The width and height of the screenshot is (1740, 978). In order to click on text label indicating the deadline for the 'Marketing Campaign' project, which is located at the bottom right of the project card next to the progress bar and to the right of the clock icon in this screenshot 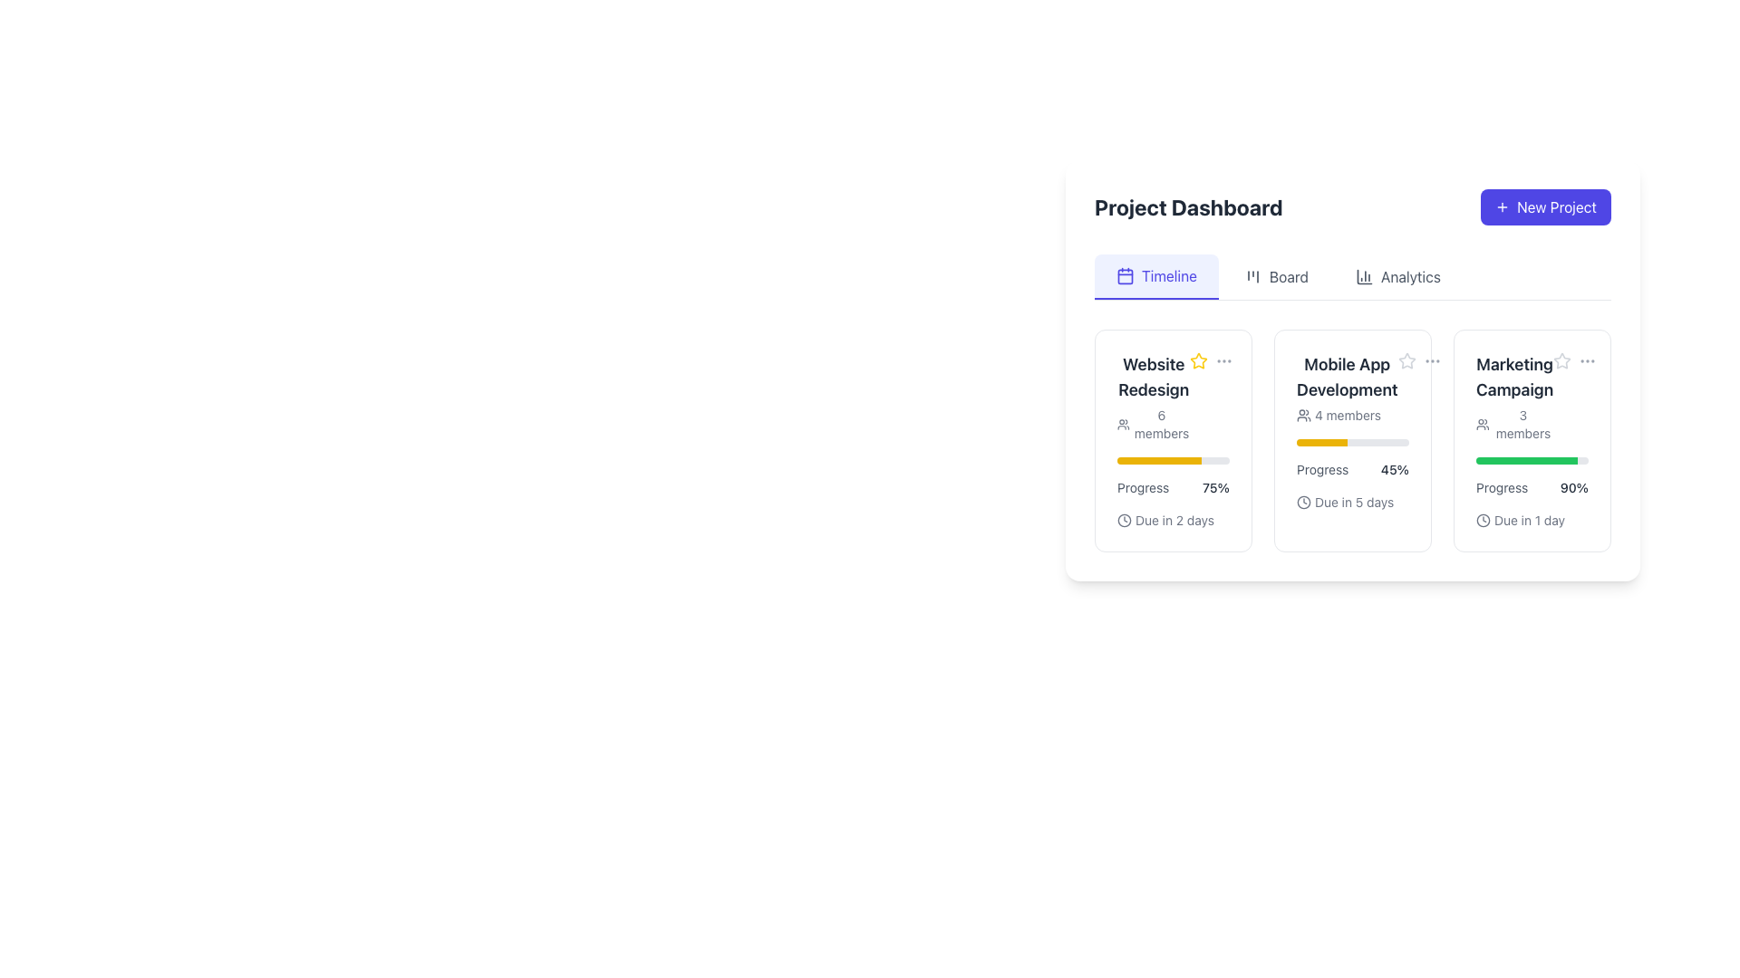, I will do `click(1529, 520)`.